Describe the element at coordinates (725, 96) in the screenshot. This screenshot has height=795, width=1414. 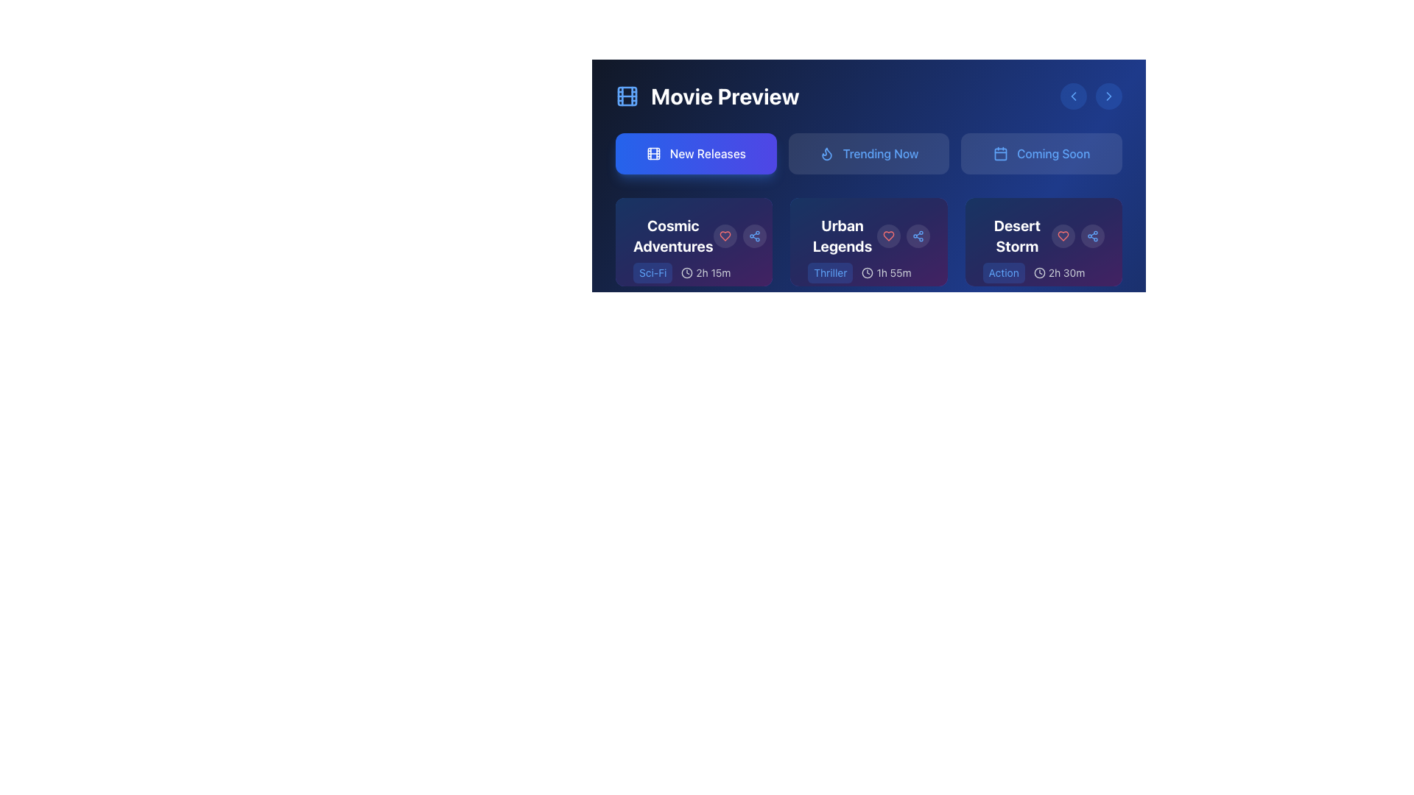
I see `the prominent heading with the text 'Movie Preview' styled in large, bold, white font against a dark blue background, located near the top-left corner of the interface` at that location.